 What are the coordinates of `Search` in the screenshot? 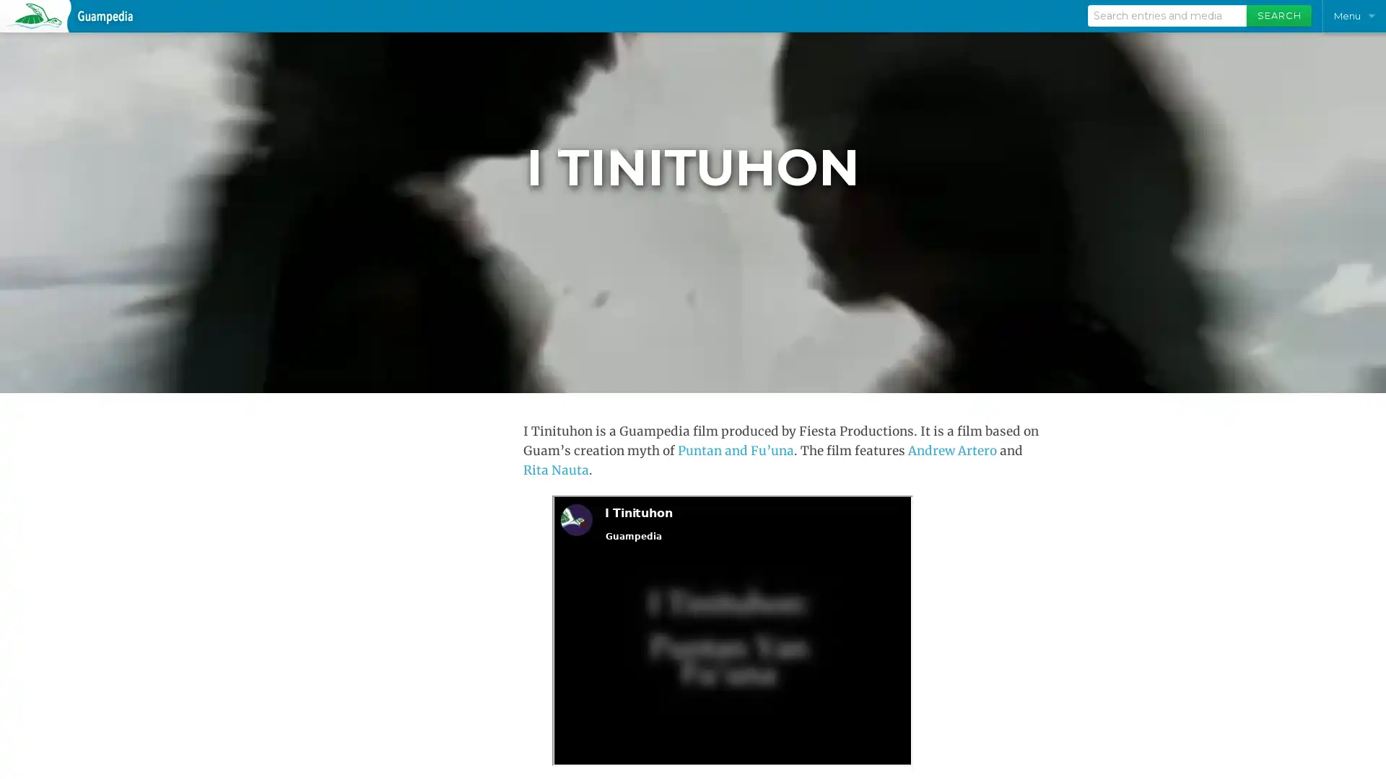 It's located at (1278, 16).